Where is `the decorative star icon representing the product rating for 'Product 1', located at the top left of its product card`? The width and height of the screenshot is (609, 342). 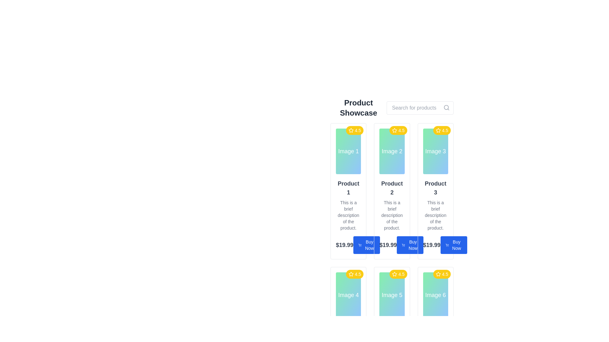
the decorative star icon representing the product rating for 'Product 1', located at the top left of its product card is located at coordinates (438, 130).